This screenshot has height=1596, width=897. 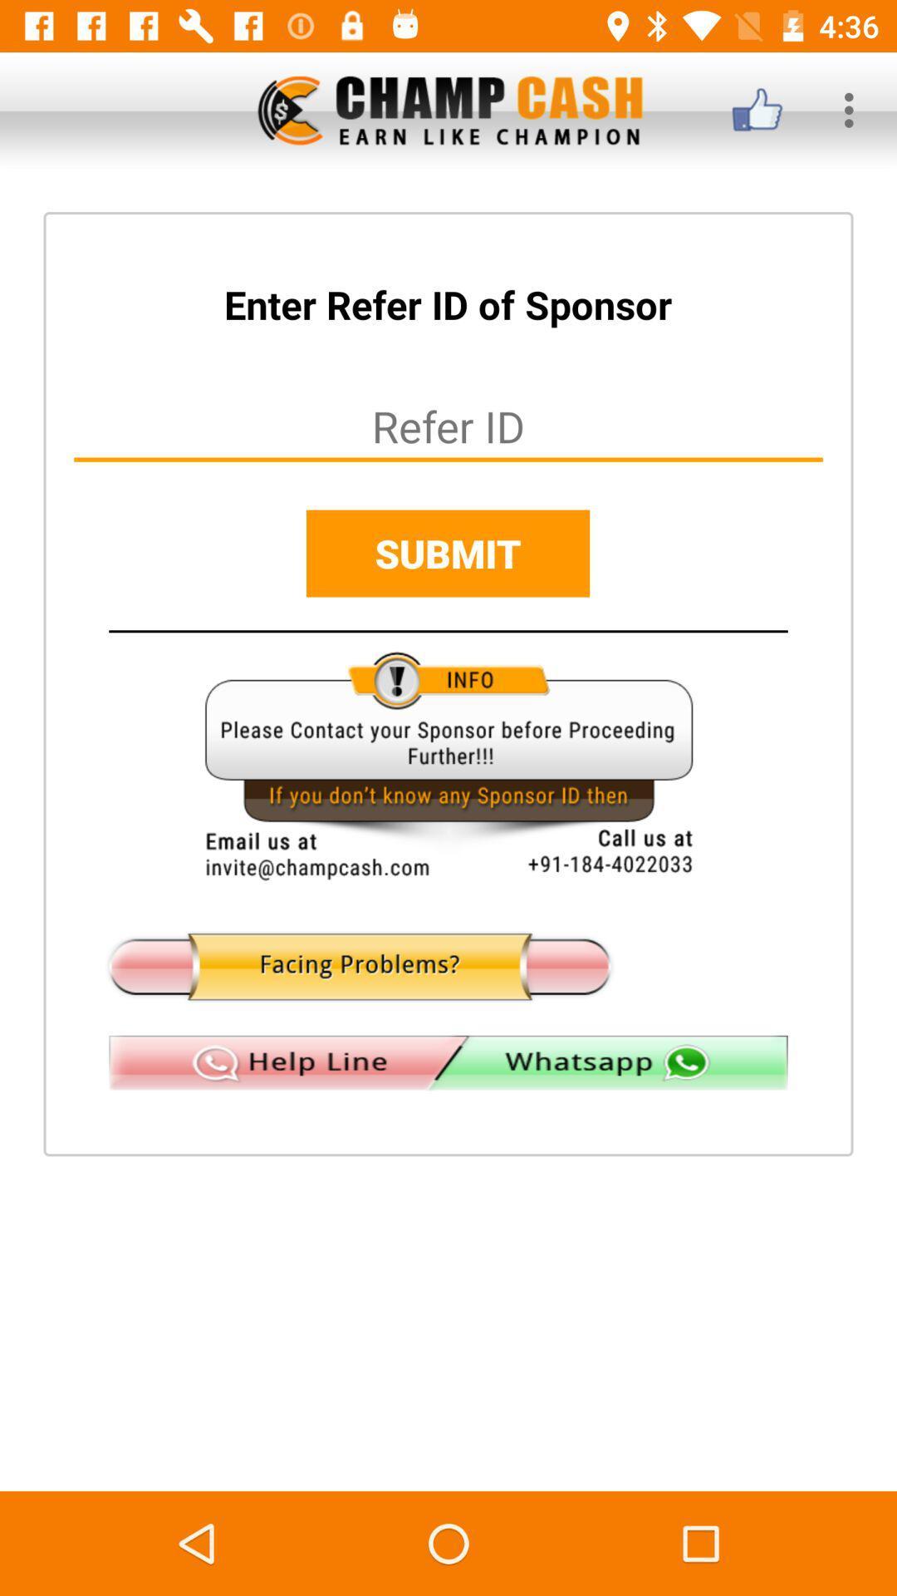 I want to click on insert refer id, so click(x=448, y=426).